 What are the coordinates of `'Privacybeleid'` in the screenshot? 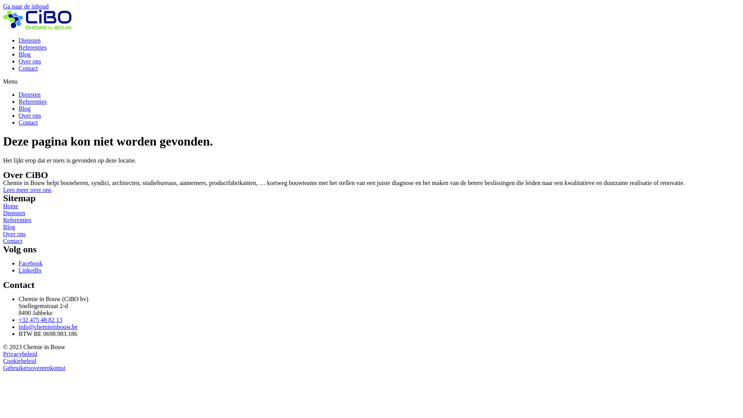 It's located at (3, 354).